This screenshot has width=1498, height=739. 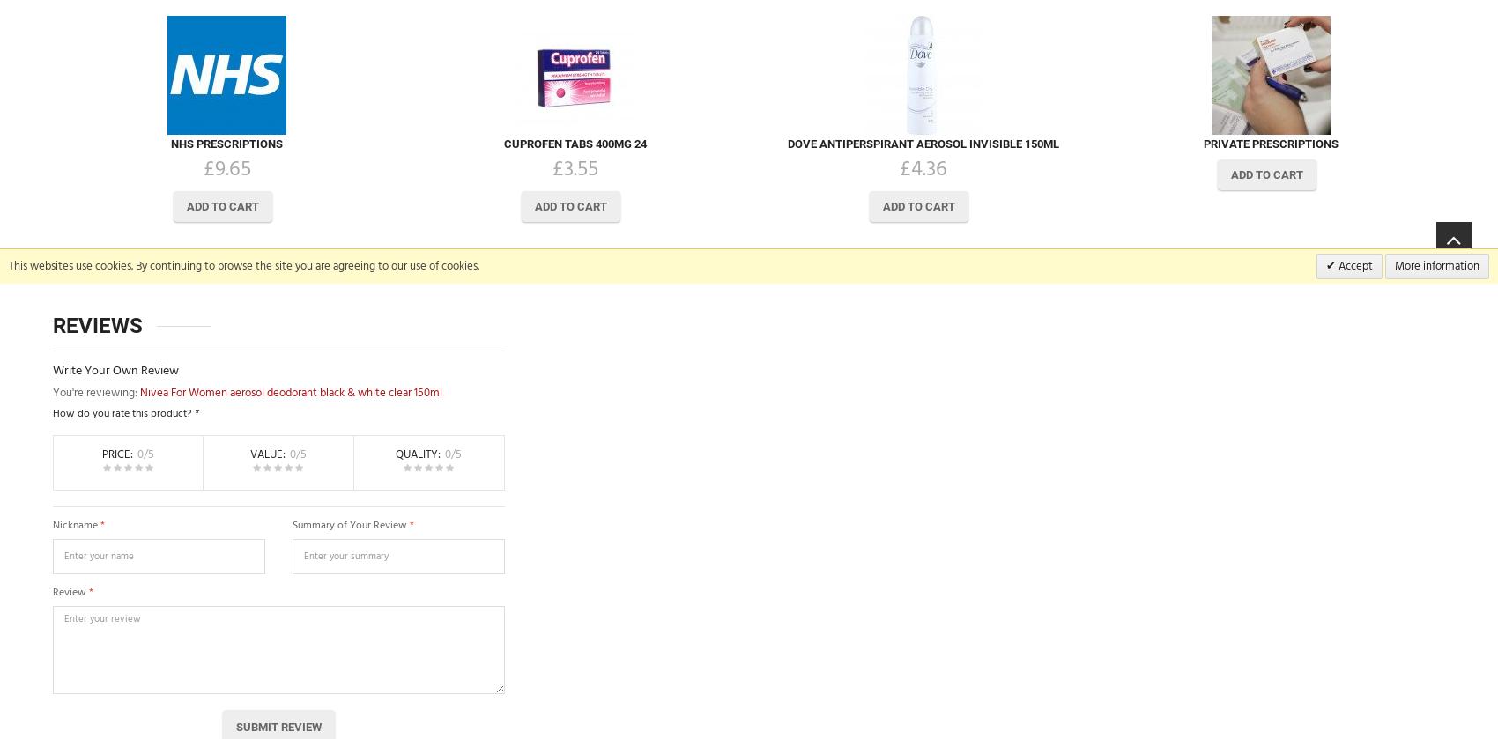 I want to click on 'Price', so click(x=115, y=453).